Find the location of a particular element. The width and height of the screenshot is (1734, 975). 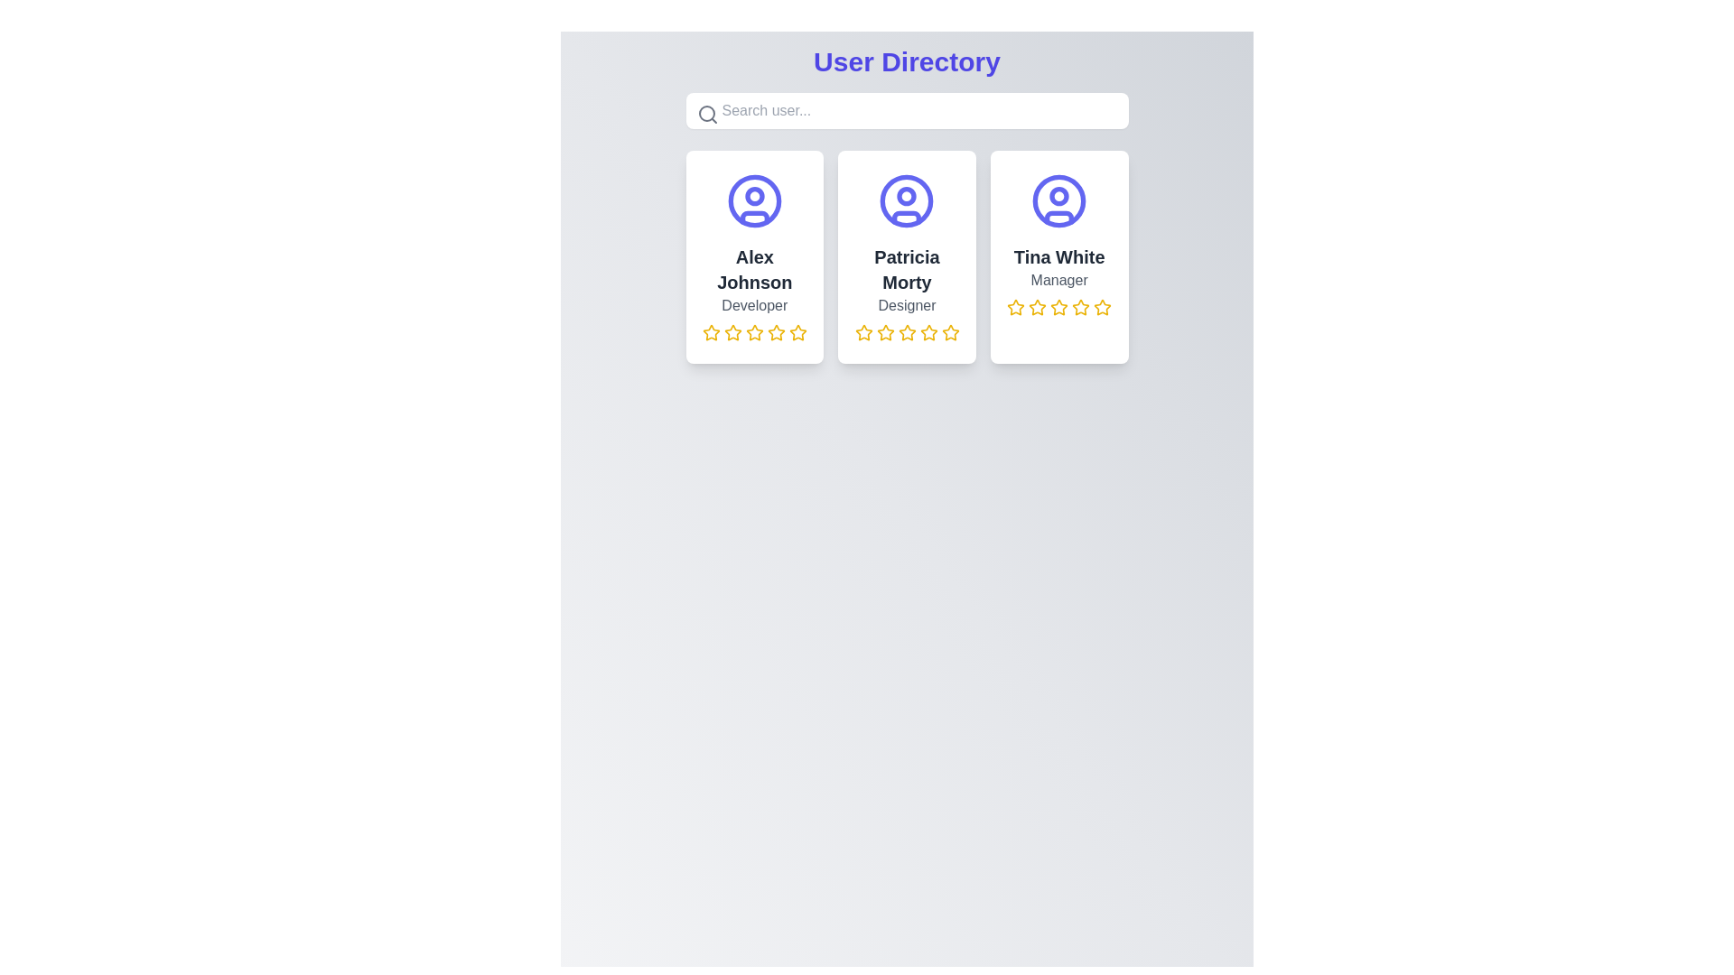

the search icon located in the top-left corner of the search input field is located at coordinates (706, 115).